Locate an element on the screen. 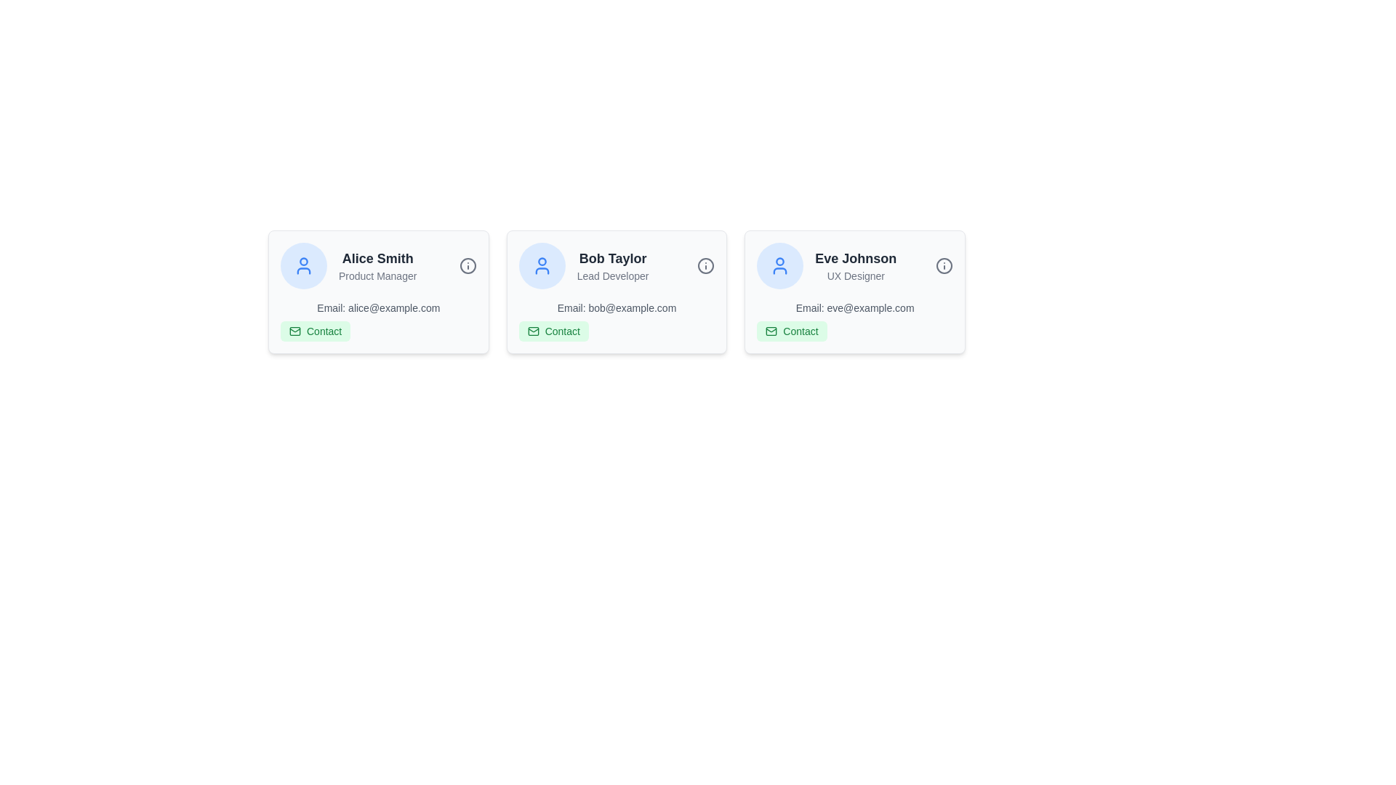  the 'Contact' button with a light green background and green text, located under the name 'Eve Johnson' and below the email address 'eve@example.com' is located at coordinates (791, 331).